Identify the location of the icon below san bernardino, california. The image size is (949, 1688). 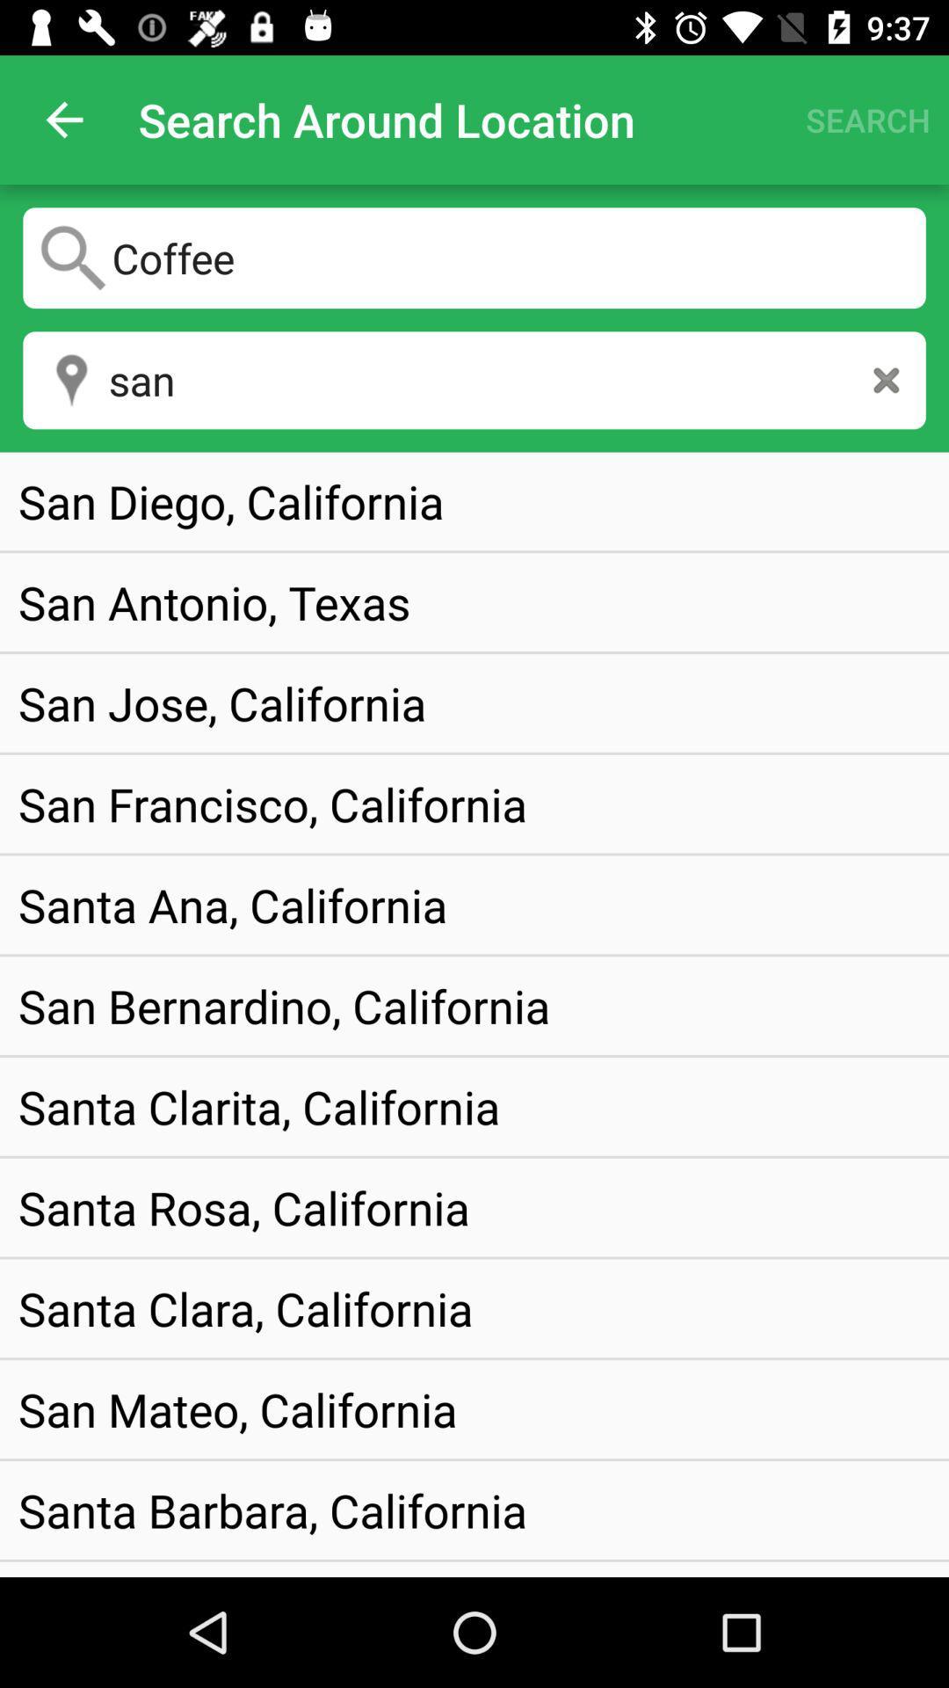
(259, 1105).